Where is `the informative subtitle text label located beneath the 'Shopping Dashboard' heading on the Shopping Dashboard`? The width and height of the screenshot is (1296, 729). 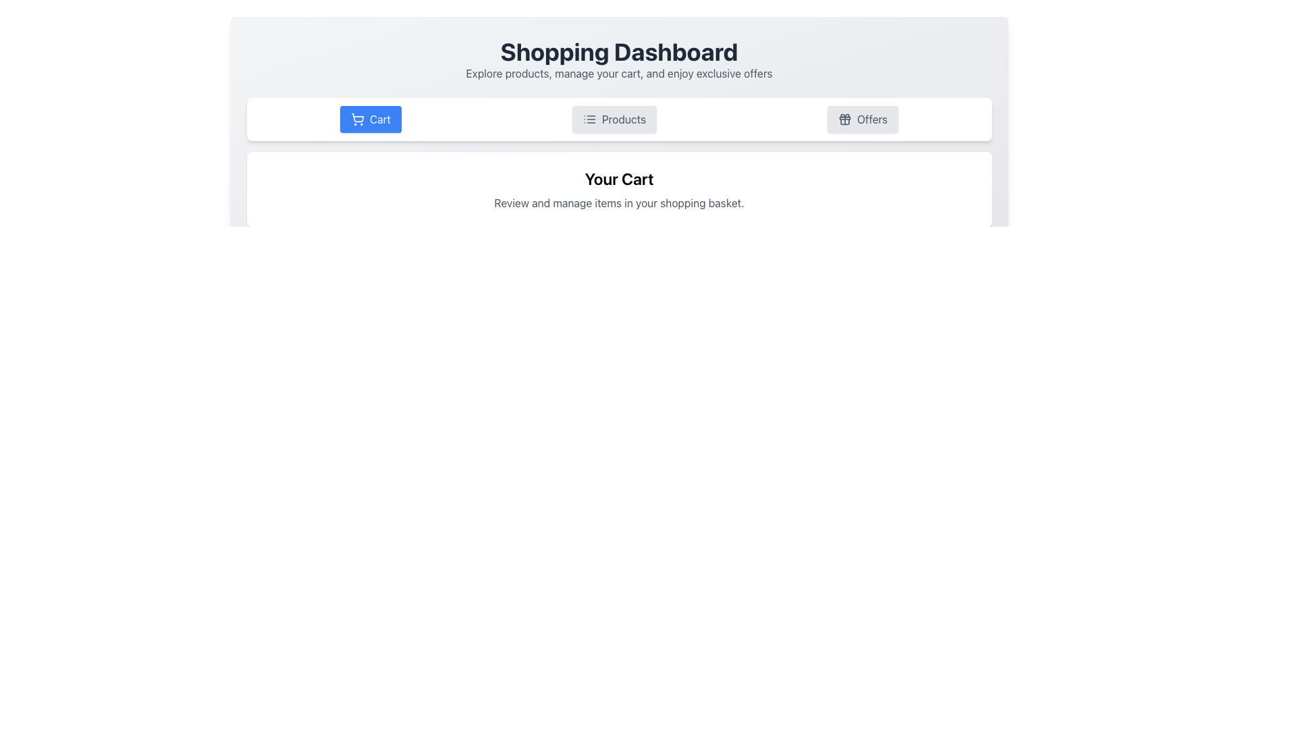
the informative subtitle text label located beneath the 'Shopping Dashboard' heading on the Shopping Dashboard is located at coordinates (618, 73).